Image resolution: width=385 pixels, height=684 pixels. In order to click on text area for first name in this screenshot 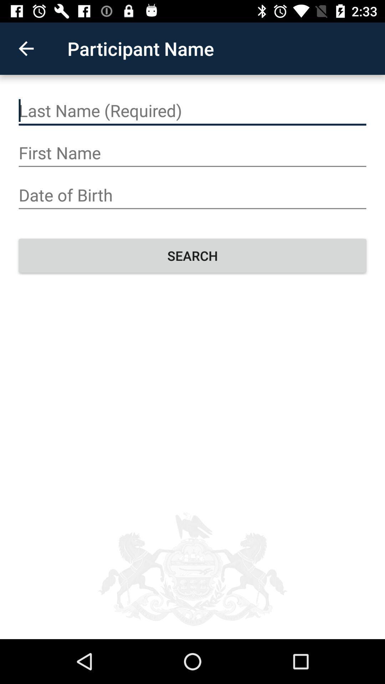, I will do `click(192, 152)`.